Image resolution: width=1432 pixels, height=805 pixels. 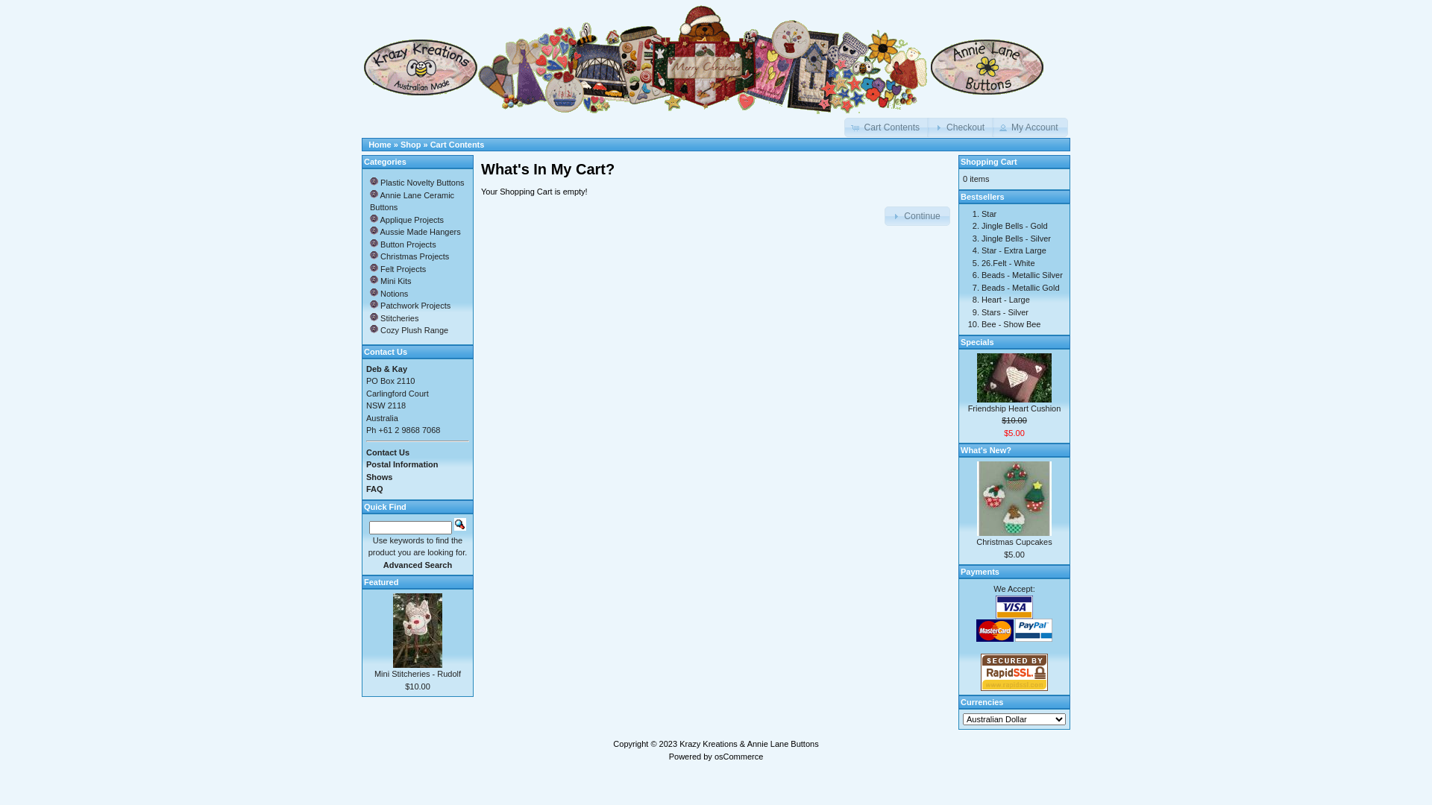 What do you see at coordinates (1014, 408) in the screenshot?
I see `'Friendship Heart Cushion'` at bounding box center [1014, 408].